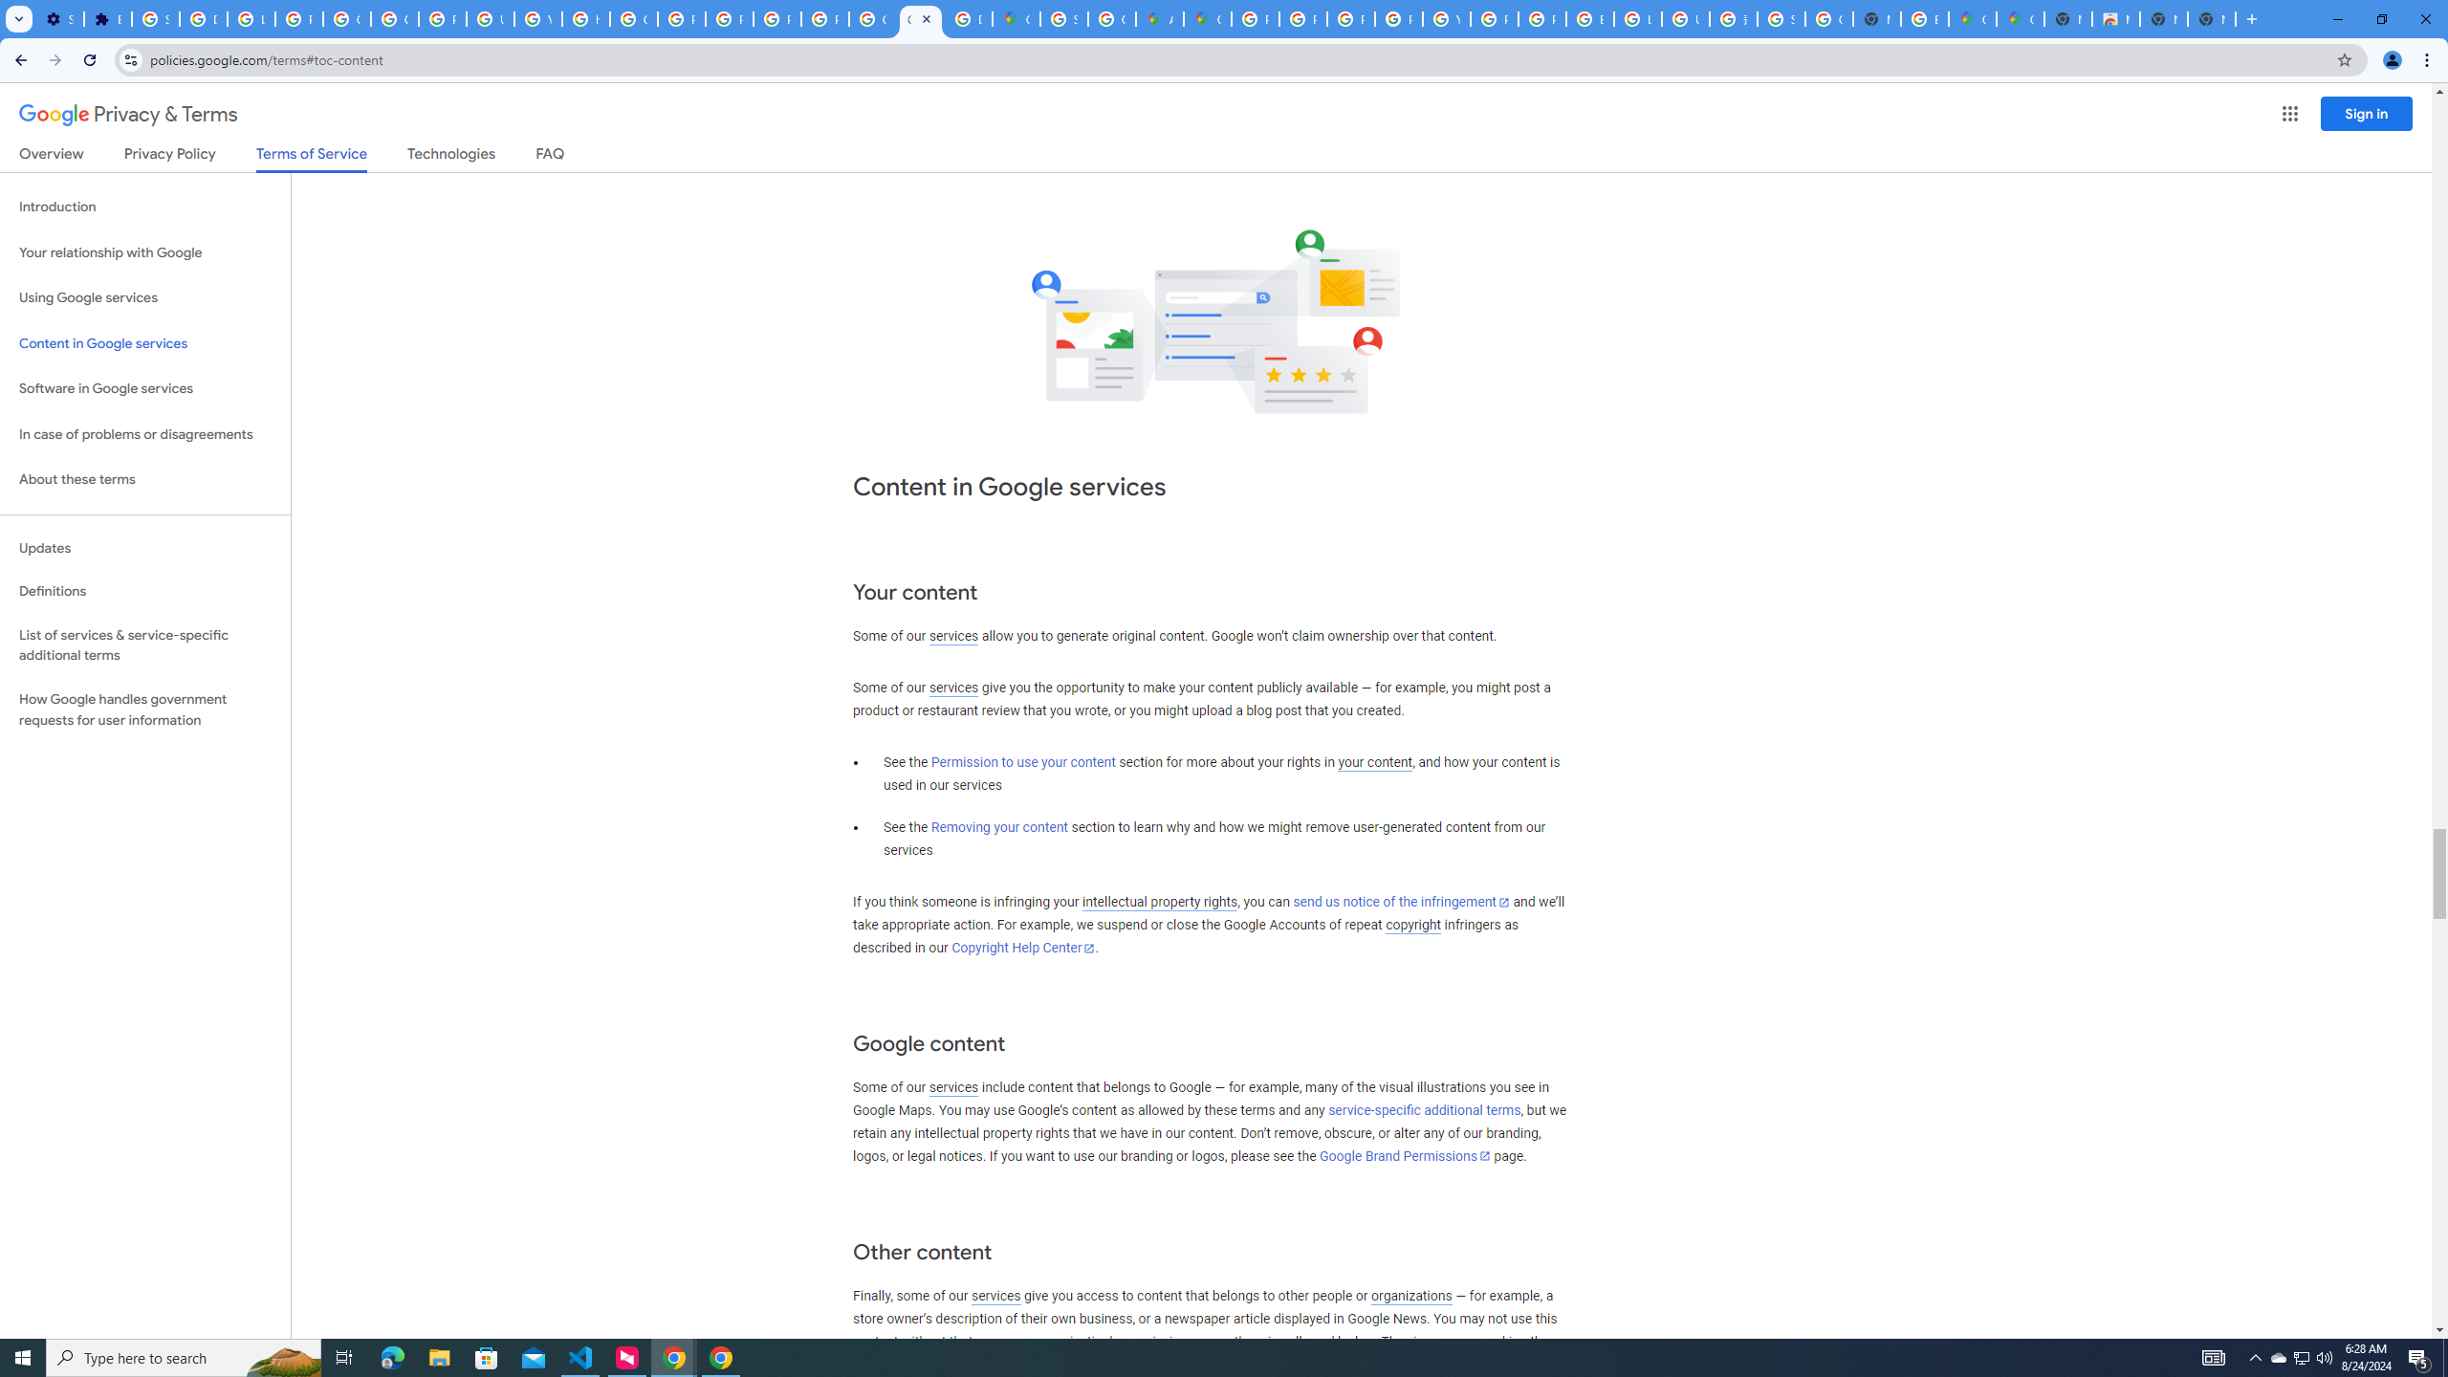 This screenshot has width=2448, height=1377. What do you see at coordinates (1111, 18) in the screenshot?
I see `'Create your Google Account'` at bounding box center [1111, 18].